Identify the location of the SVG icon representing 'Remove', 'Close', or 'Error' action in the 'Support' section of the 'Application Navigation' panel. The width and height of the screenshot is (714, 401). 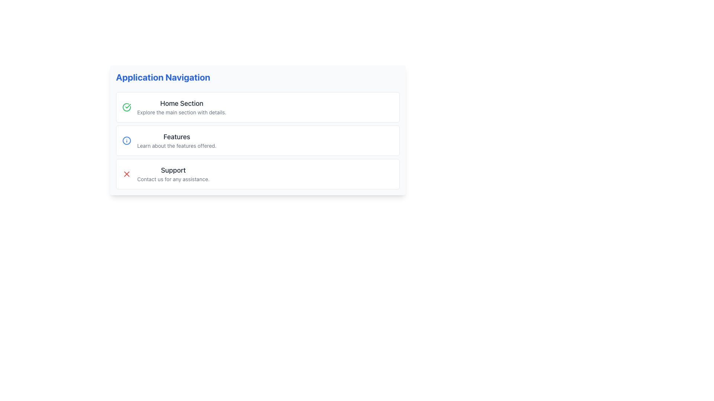
(126, 174).